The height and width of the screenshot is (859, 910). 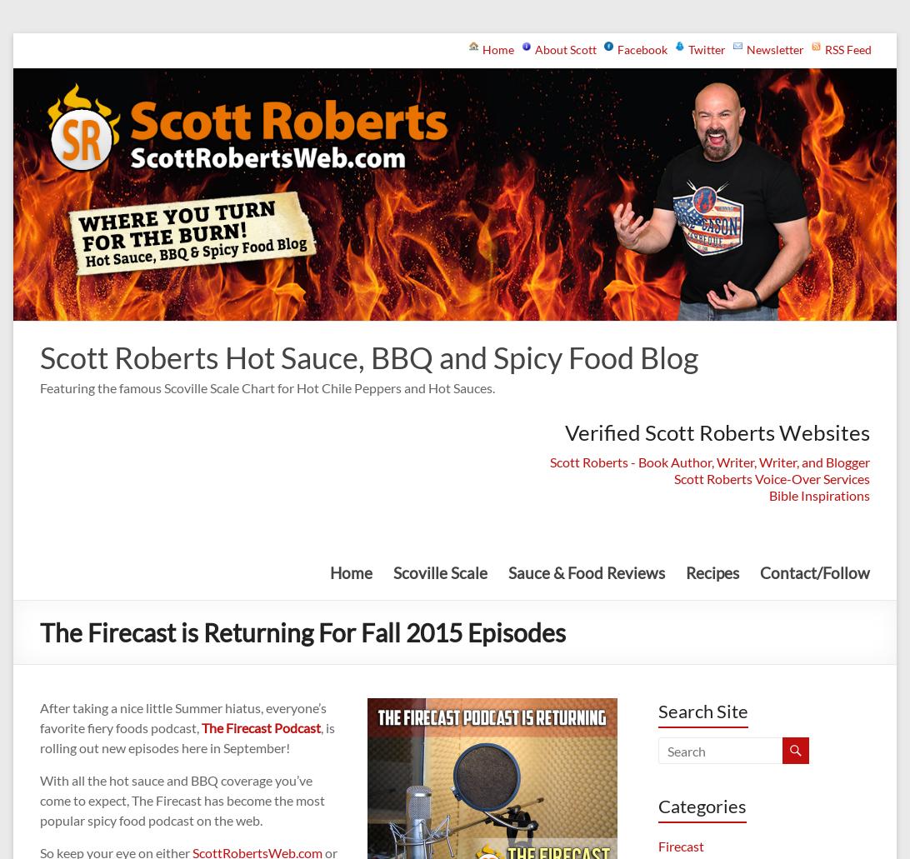 What do you see at coordinates (712, 572) in the screenshot?
I see `'Recipes'` at bounding box center [712, 572].